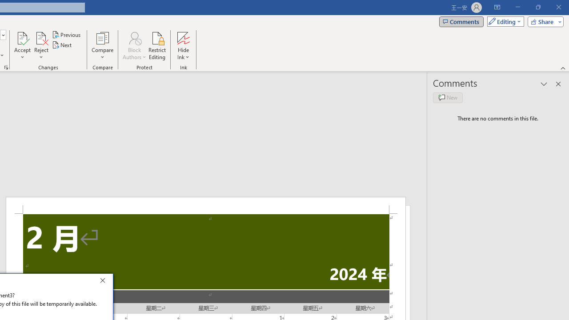  Describe the element at coordinates (22, 46) in the screenshot. I see `'Accept'` at that location.